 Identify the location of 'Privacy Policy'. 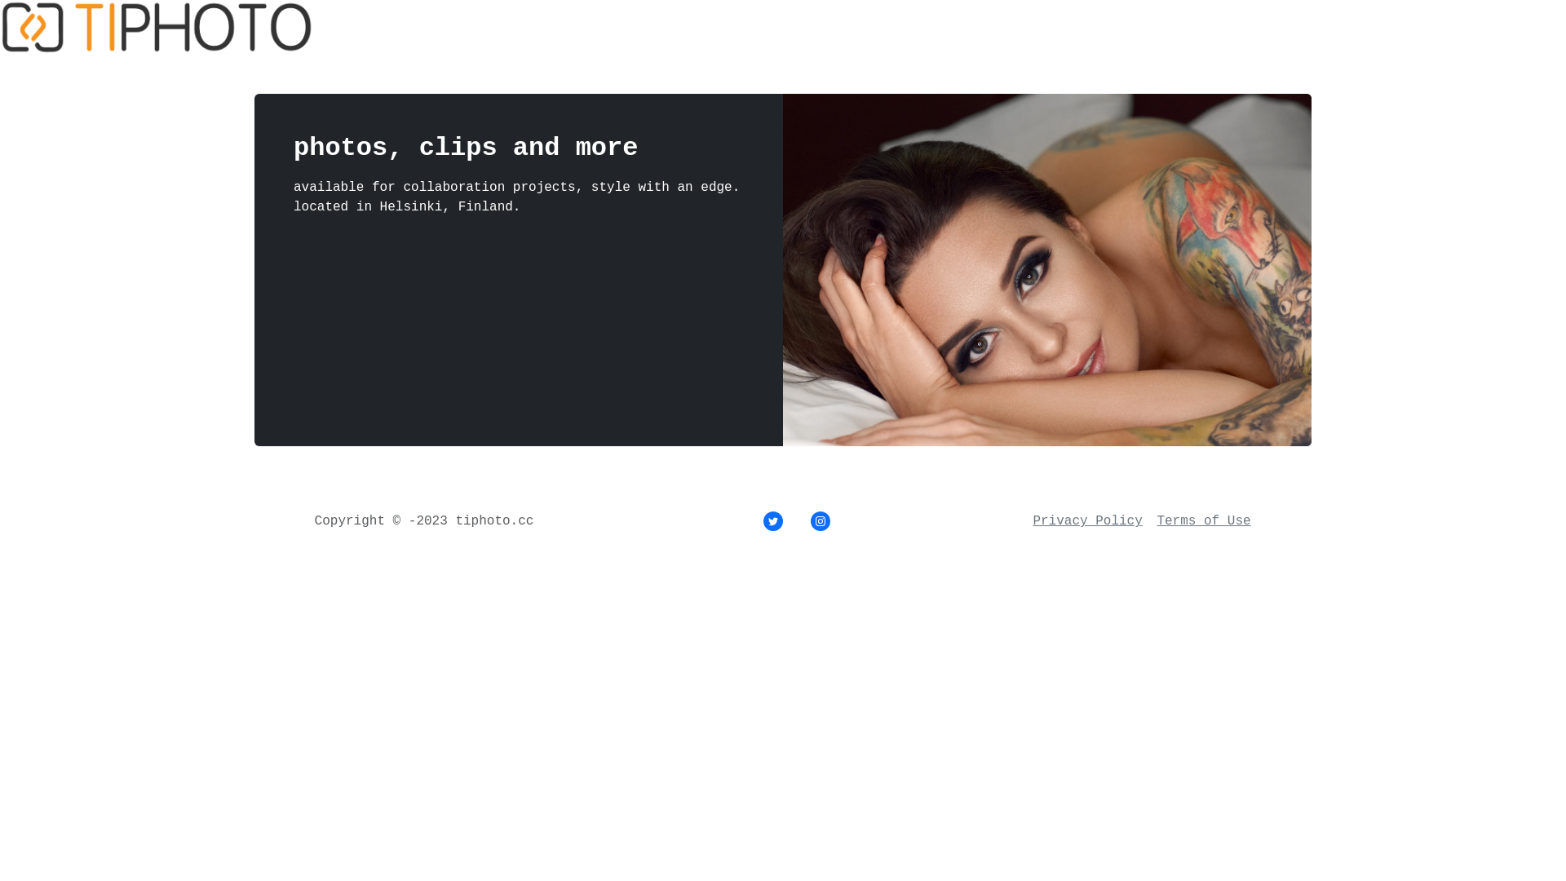
(1087, 521).